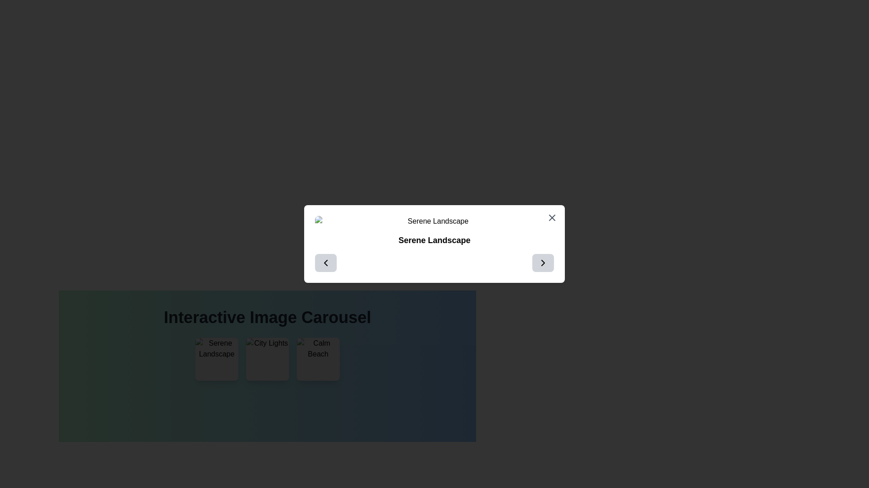  Describe the element at coordinates (318, 358) in the screenshot. I see `the 'Calm Beach' image in the third tile of the image carousel located beneath the 'Interactive Image Carousel' header` at that location.